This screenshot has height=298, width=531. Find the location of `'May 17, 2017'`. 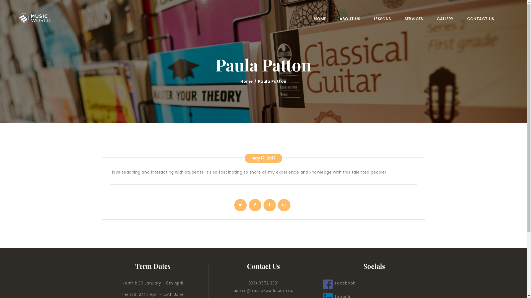

'May 17, 2017' is located at coordinates (244, 158).